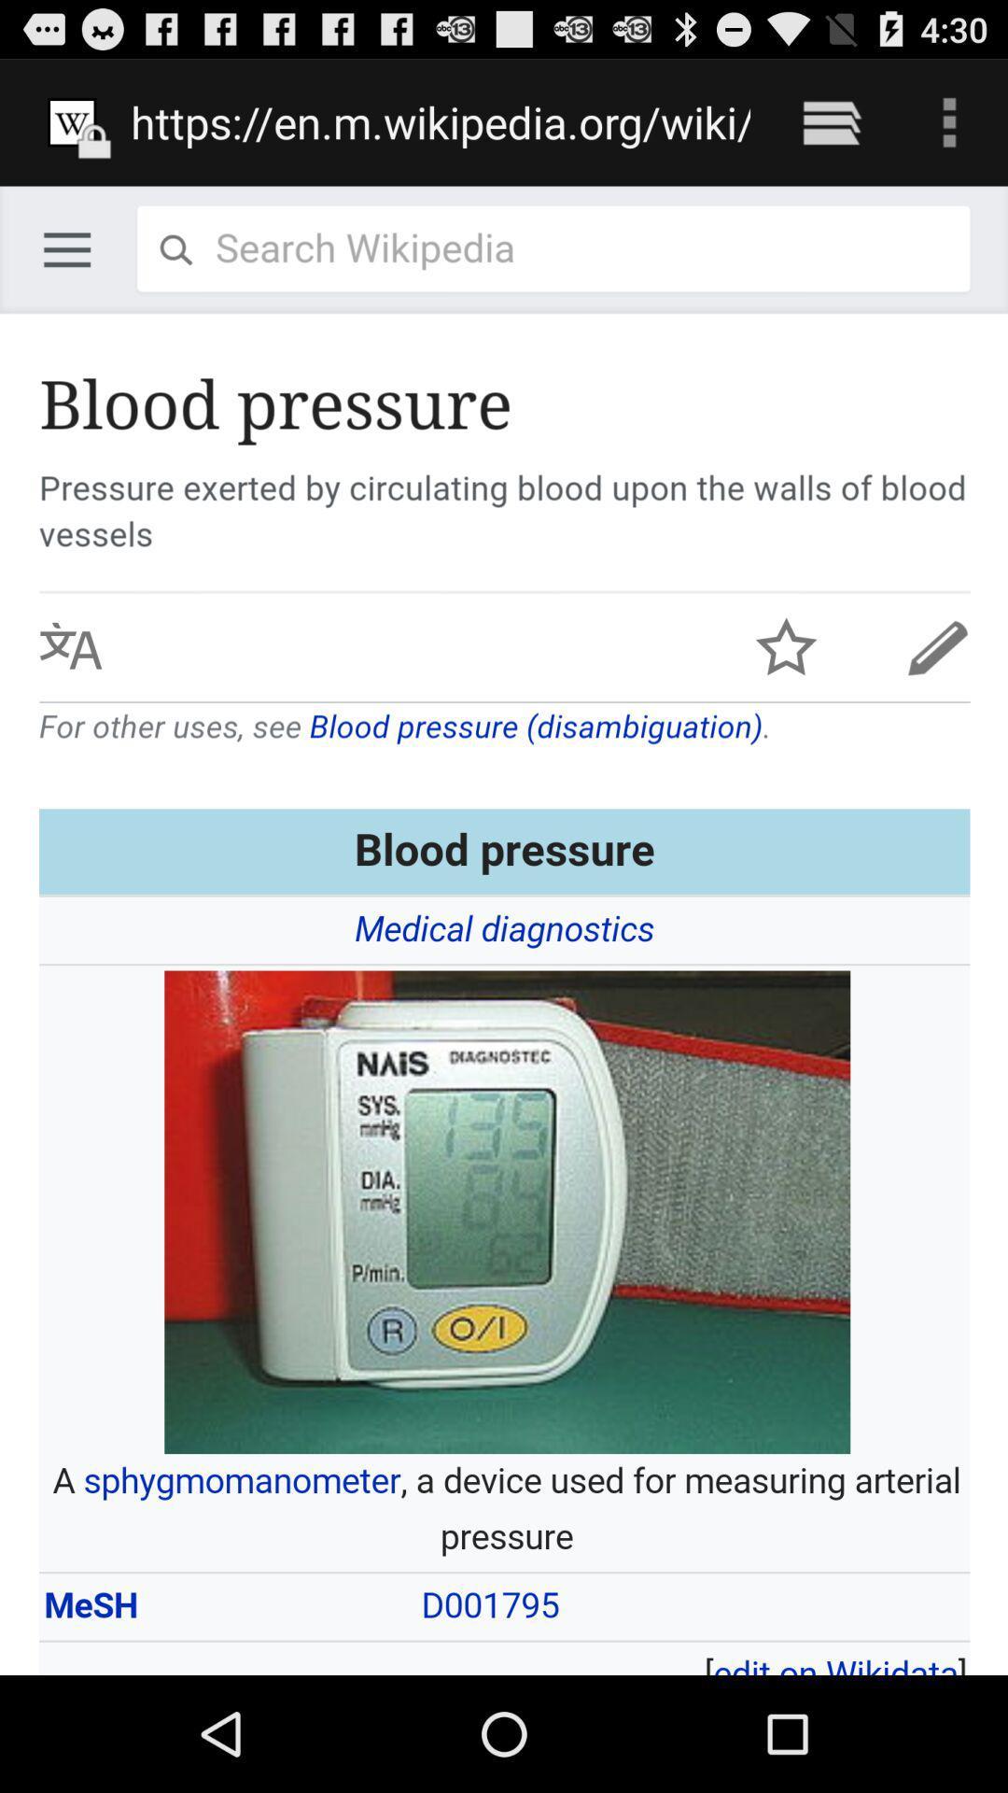  What do you see at coordinates (441, 121) in the screenshot?
I see `icon at the top` at bounding box center [441, 121].